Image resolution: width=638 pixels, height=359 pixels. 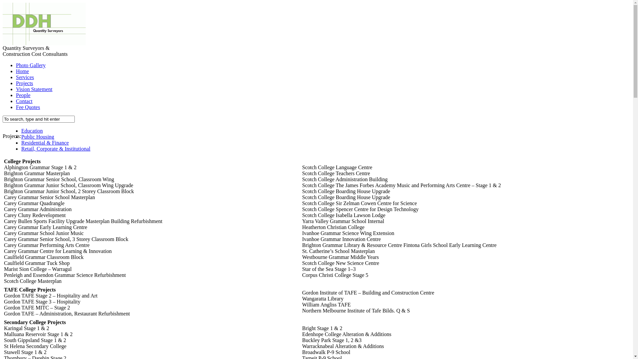 What do you see at coordinates (24, 83) in the screenshot?
I see `'Projects'` at bounding box center [24, 83].